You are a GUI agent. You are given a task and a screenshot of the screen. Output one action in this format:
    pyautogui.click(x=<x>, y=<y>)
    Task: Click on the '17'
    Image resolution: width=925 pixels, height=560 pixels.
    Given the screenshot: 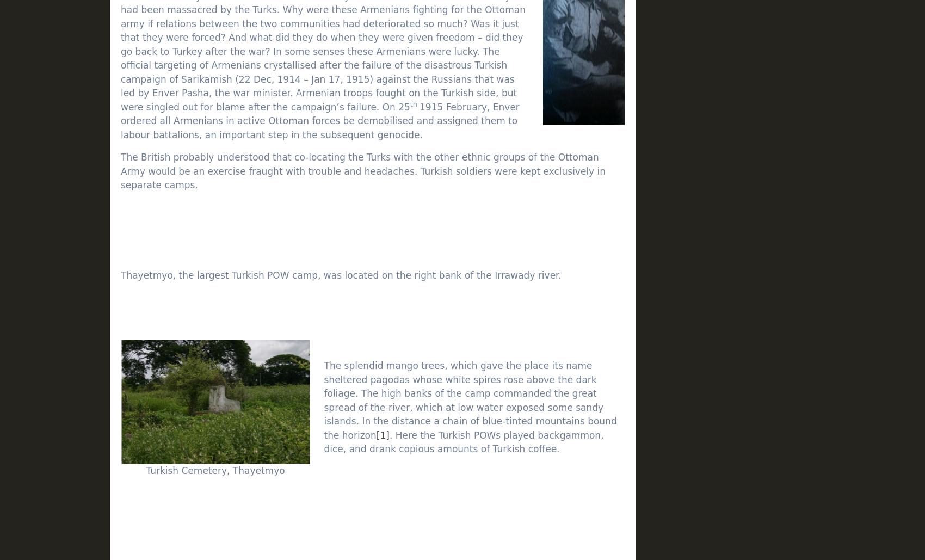 What is the action you would take?
    pyautogui.click(x=758, y=416)
    